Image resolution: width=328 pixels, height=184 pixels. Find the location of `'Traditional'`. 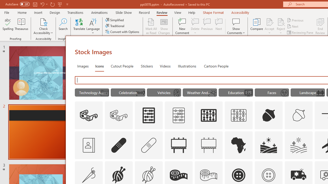

'Traditional' is located at coordinates (115, 26).